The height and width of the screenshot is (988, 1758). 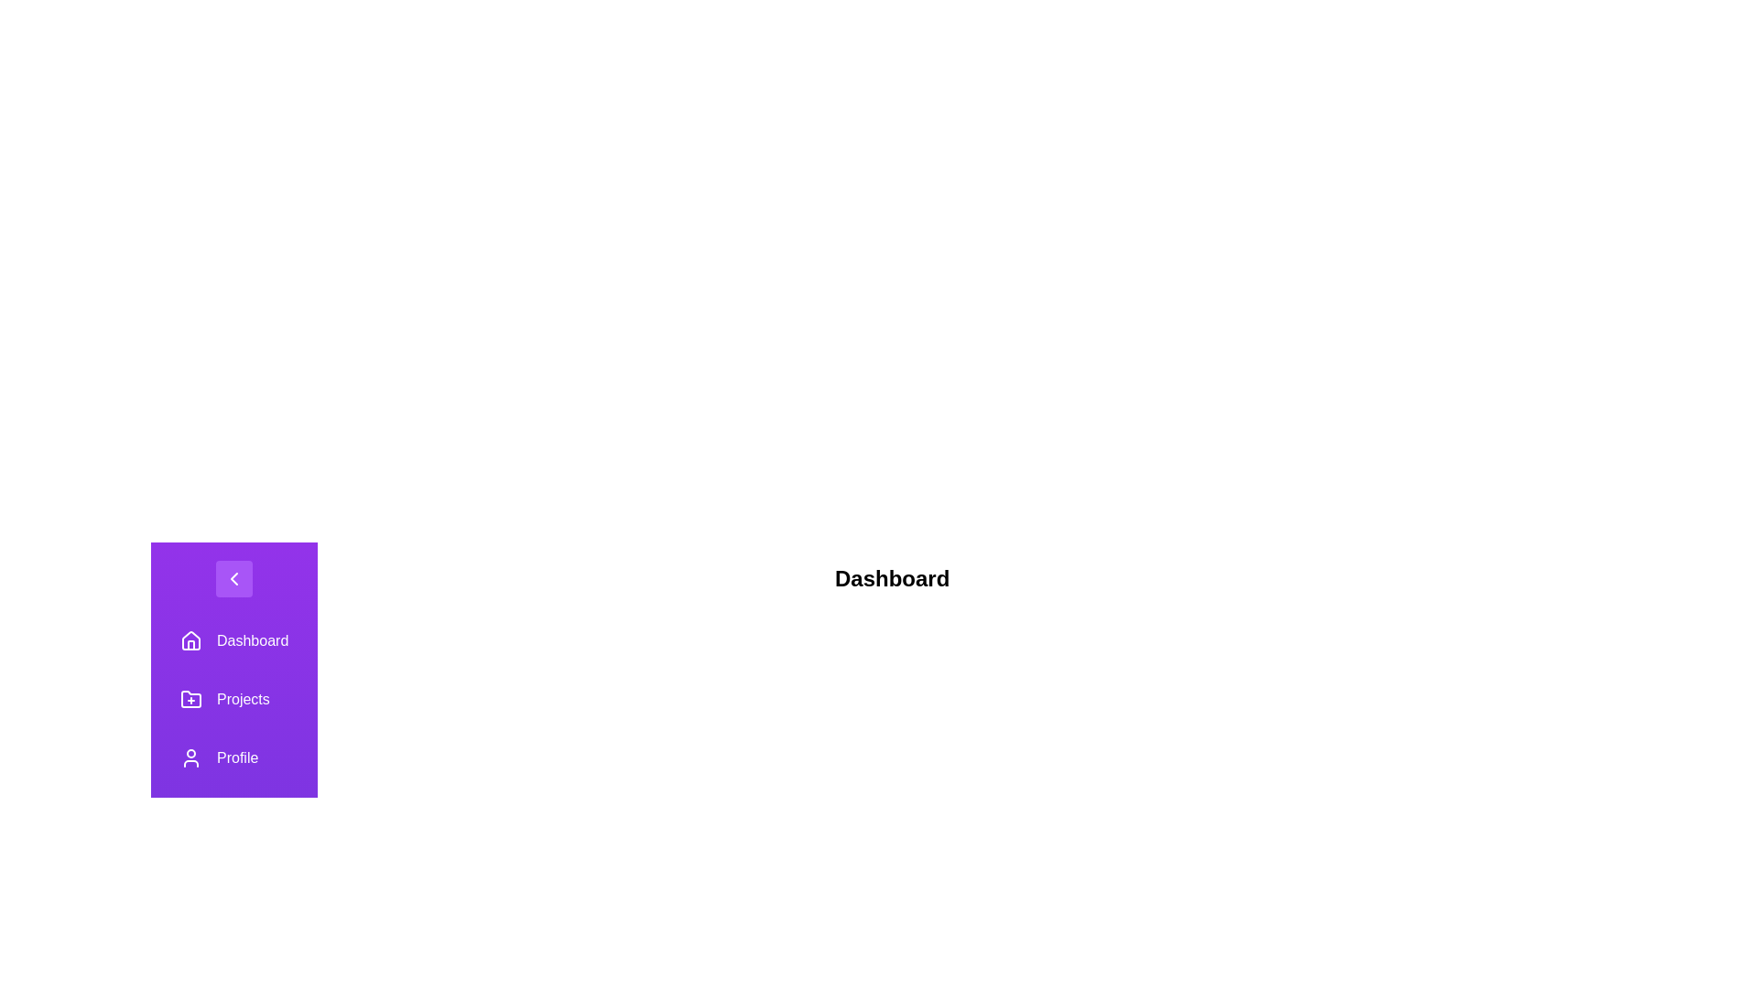 I want to click on the back navigation icon located in the vertical menu on the left side of the interface, so click(x=233, y=578).